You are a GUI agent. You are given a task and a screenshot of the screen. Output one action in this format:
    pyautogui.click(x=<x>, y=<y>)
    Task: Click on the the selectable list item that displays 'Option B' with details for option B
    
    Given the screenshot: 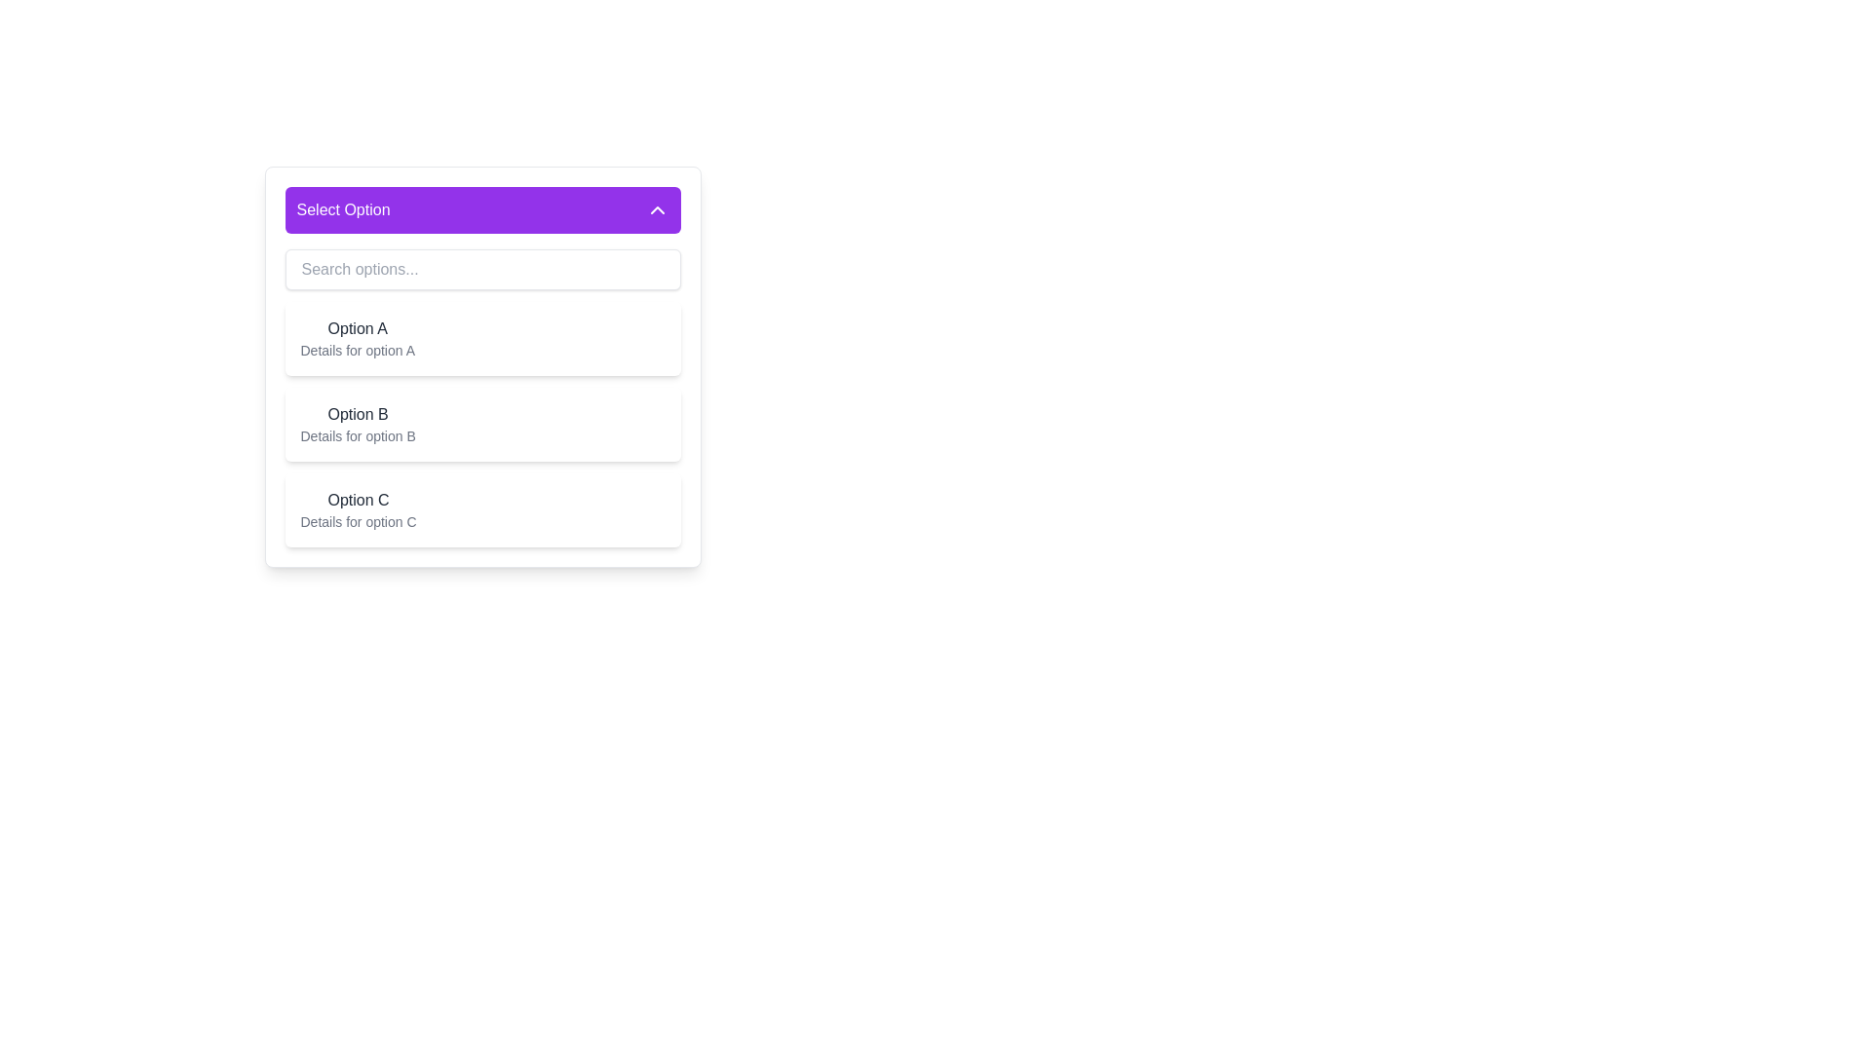 What is the action you would take?
    pyautogui.click(x=358, y=423)
    